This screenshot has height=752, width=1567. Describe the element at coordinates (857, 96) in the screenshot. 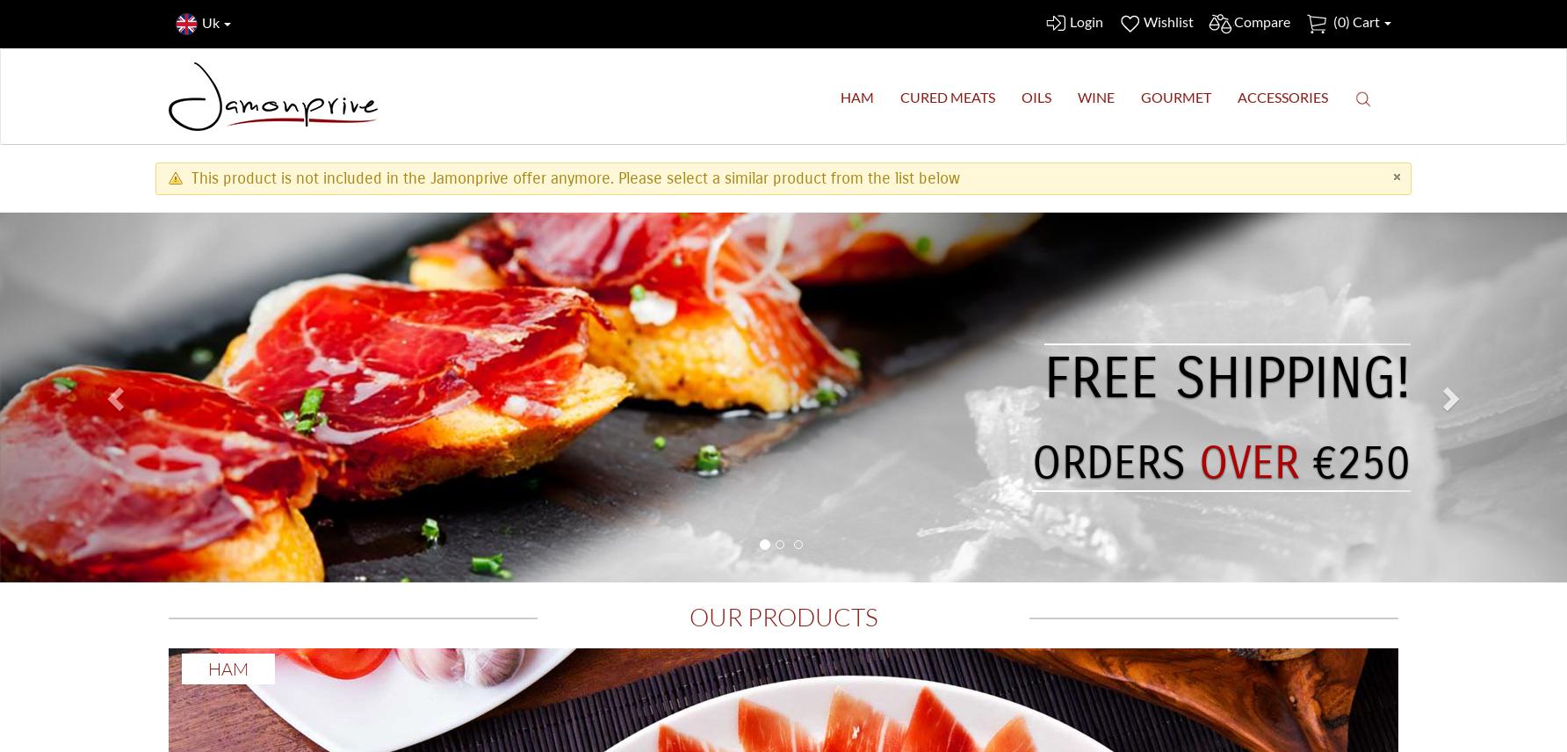

I see `'HAM'` at that location.